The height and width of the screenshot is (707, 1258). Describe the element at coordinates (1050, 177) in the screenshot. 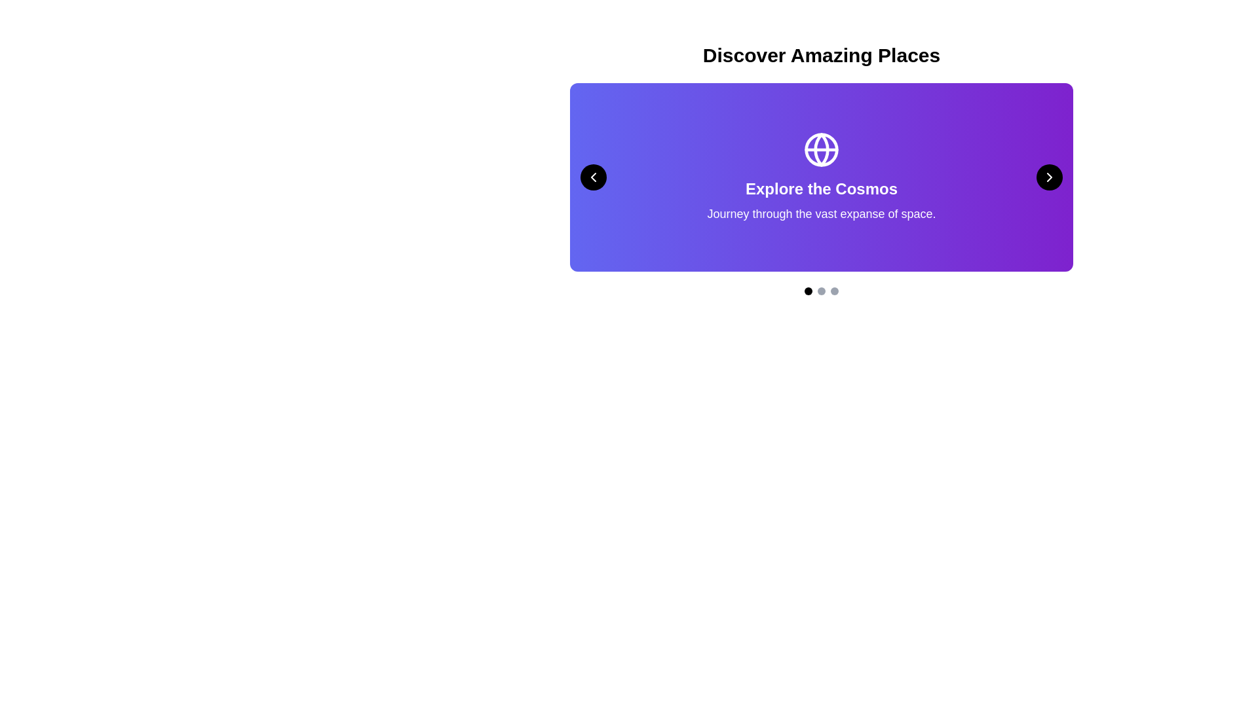

I see `the small chevron-like shape icon on the right side of the carousel component, which is part of the right navigation button indicating movement to the next item or page` at that location.